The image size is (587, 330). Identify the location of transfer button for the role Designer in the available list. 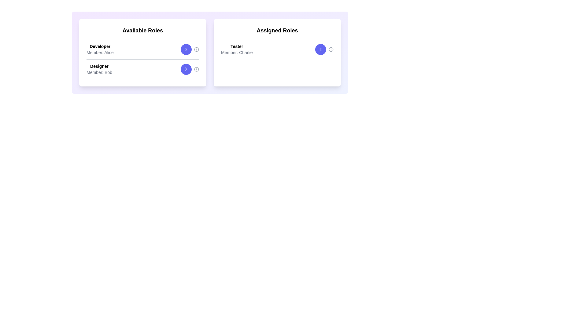
(186, 69).